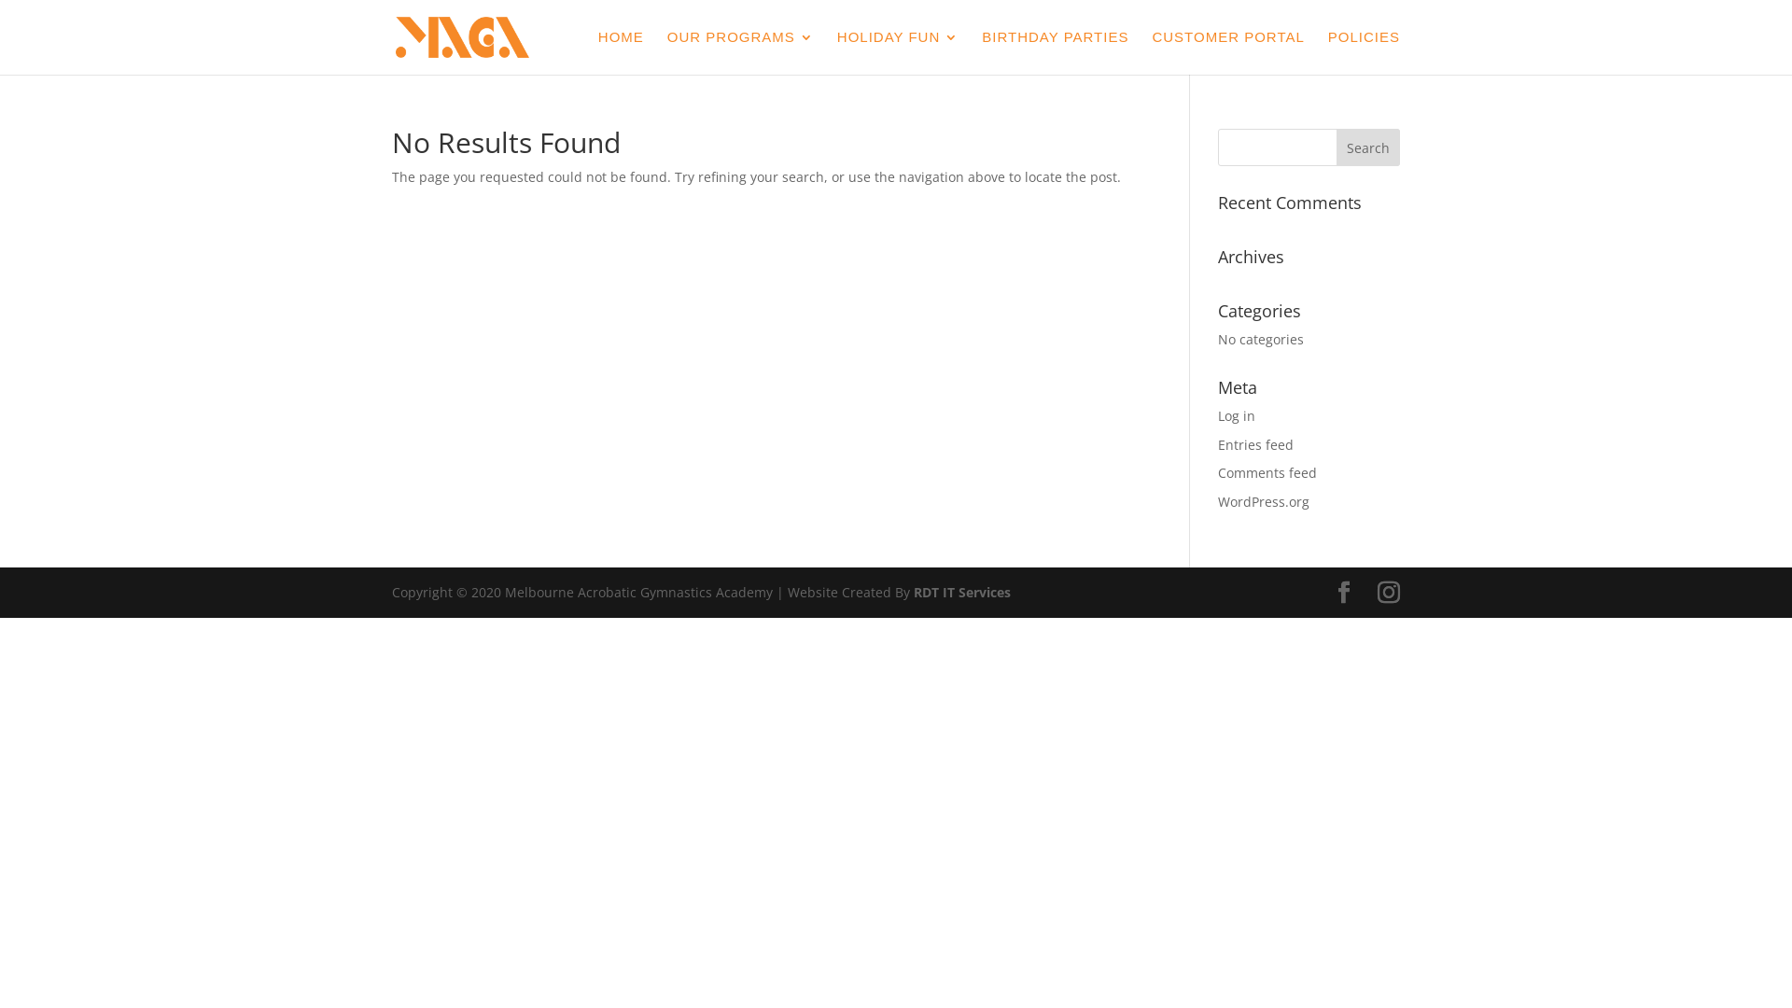  What do you see at coordinates (621, 51) in the screenshot?
I see `'HOME'` at bounding box center [621, 51].